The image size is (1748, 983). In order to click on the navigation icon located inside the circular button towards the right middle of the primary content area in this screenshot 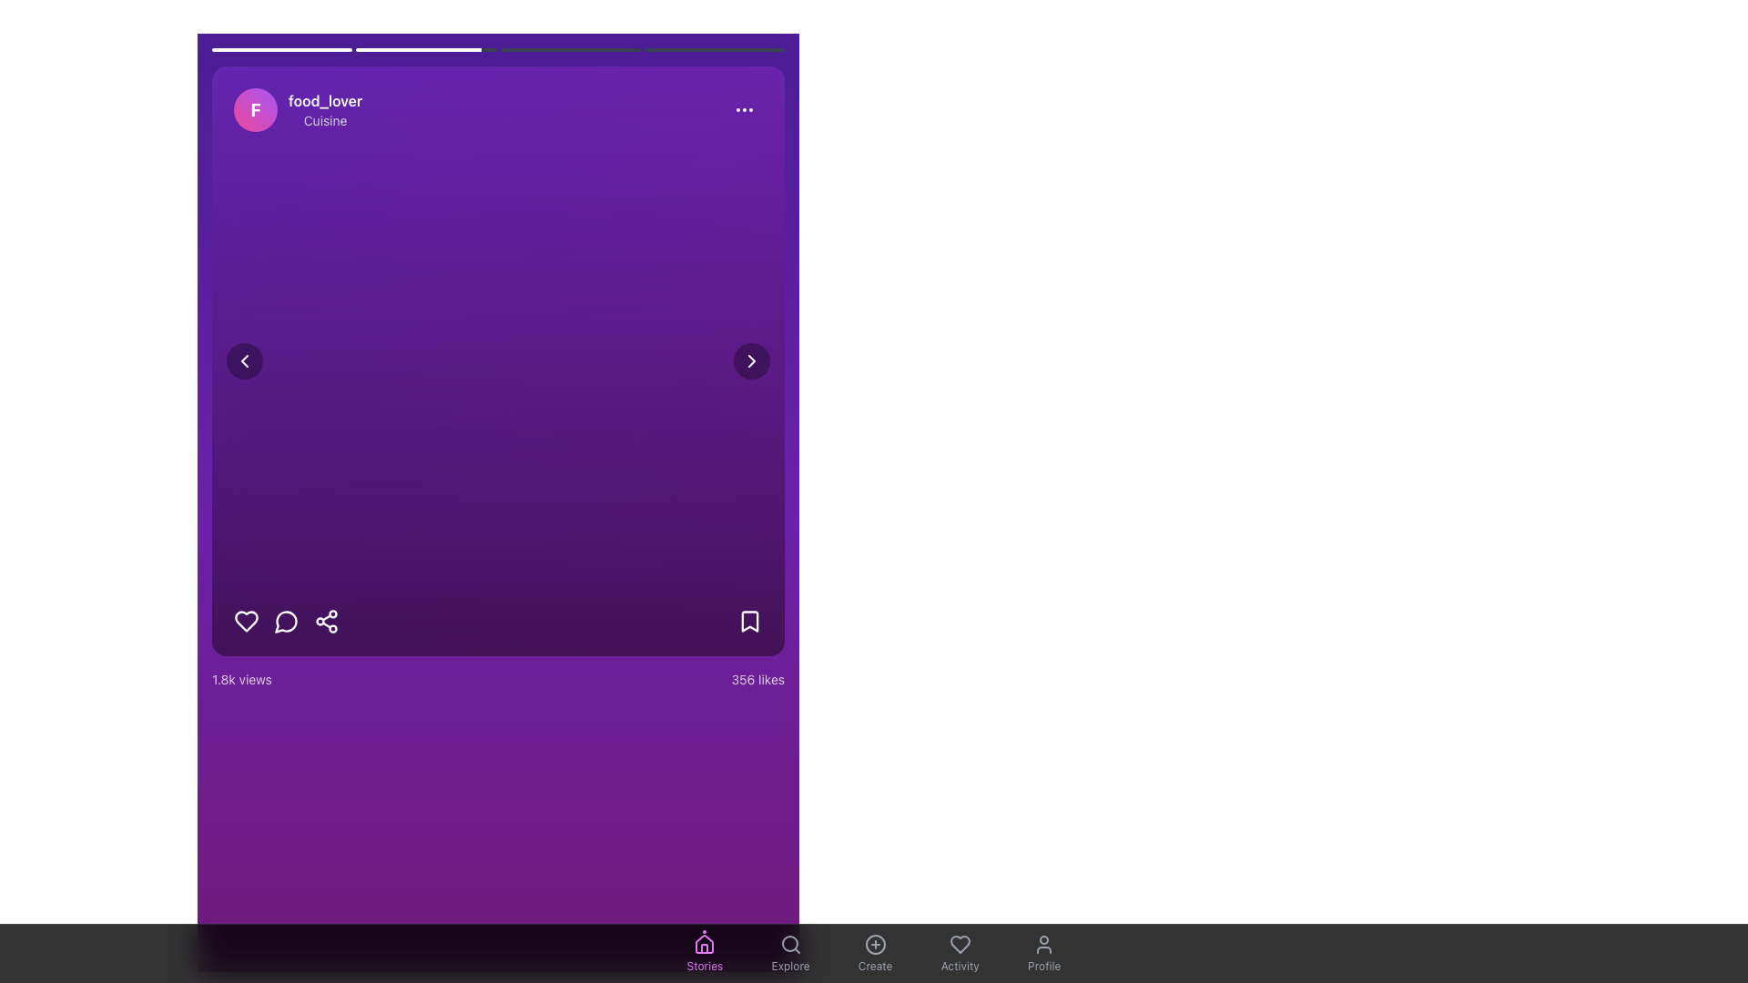, I will do `click(751, 361)`.